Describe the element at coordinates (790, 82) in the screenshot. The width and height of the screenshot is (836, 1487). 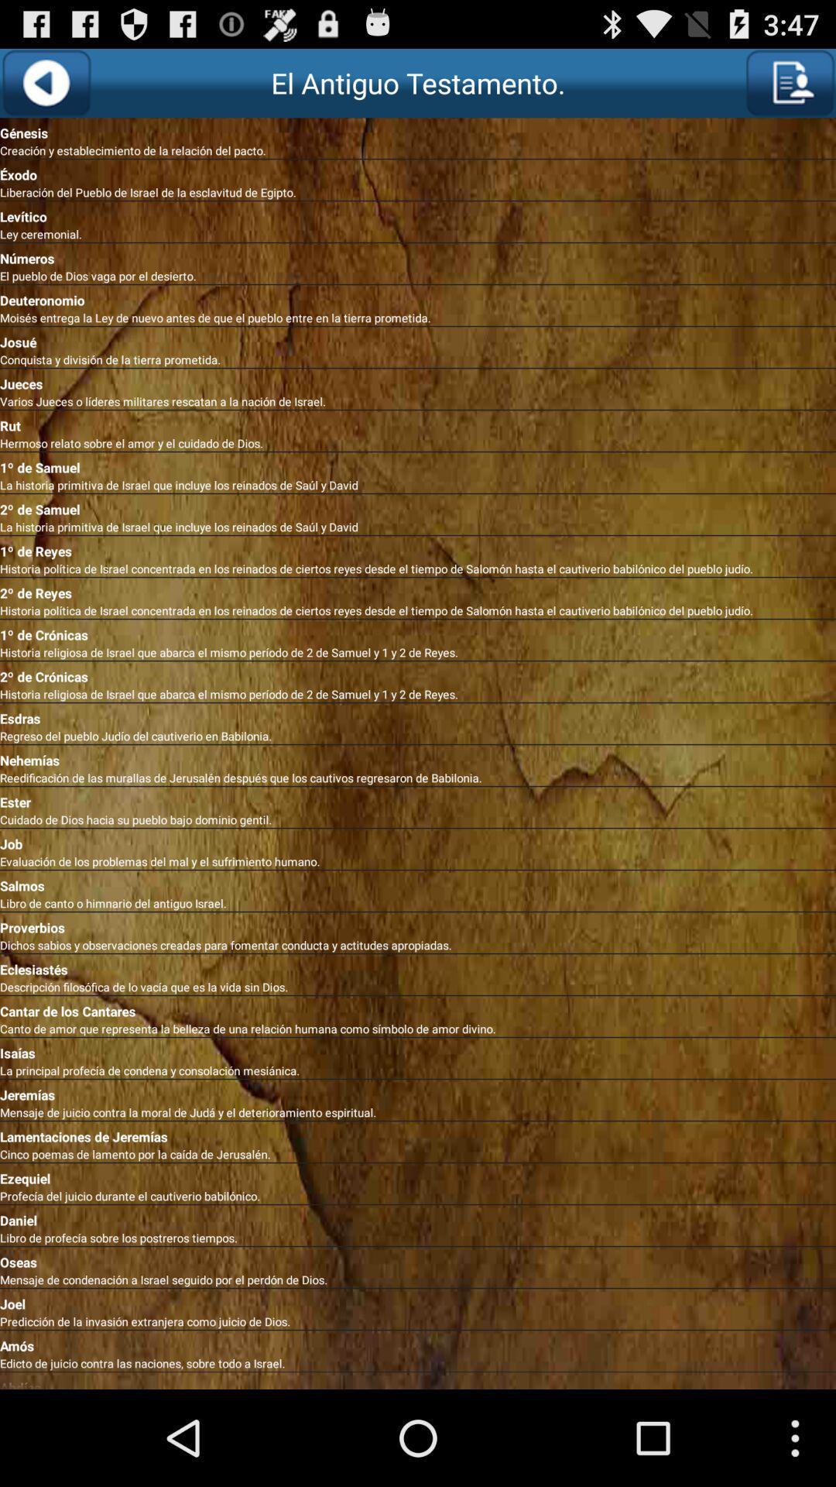
I see `the button at the top right corner` at that location.